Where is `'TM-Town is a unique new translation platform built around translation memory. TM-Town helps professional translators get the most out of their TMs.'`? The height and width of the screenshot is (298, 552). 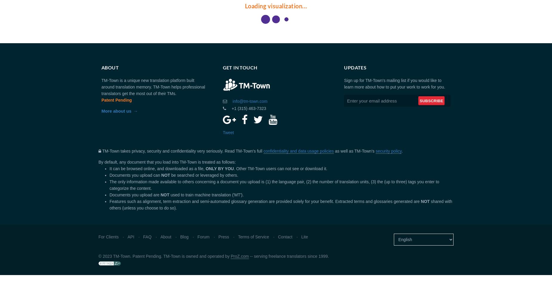 'TM-Town is a unique new translation platform built around translation memory. TM-Town helps professional translators get the most out of their TMs.' is located at coordinates (153, 87).